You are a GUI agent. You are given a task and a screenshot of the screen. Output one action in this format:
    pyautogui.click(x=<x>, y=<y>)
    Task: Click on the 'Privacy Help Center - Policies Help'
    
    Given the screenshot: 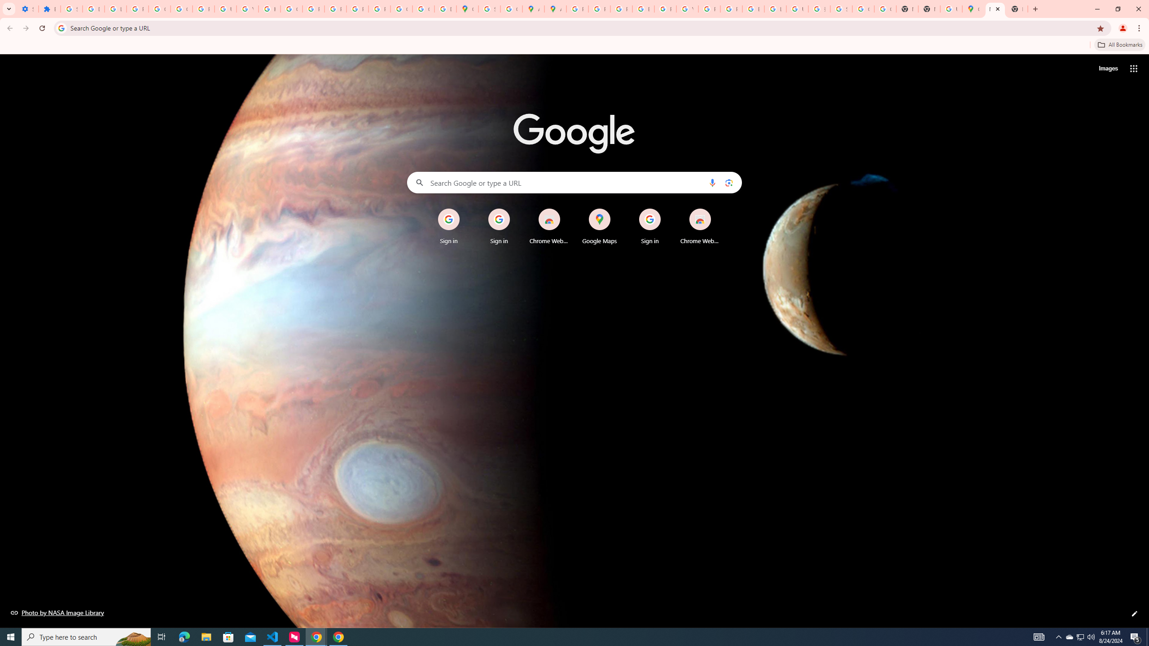 What is the action you would take?
    pyautogui.click(x=600, y=9)
    